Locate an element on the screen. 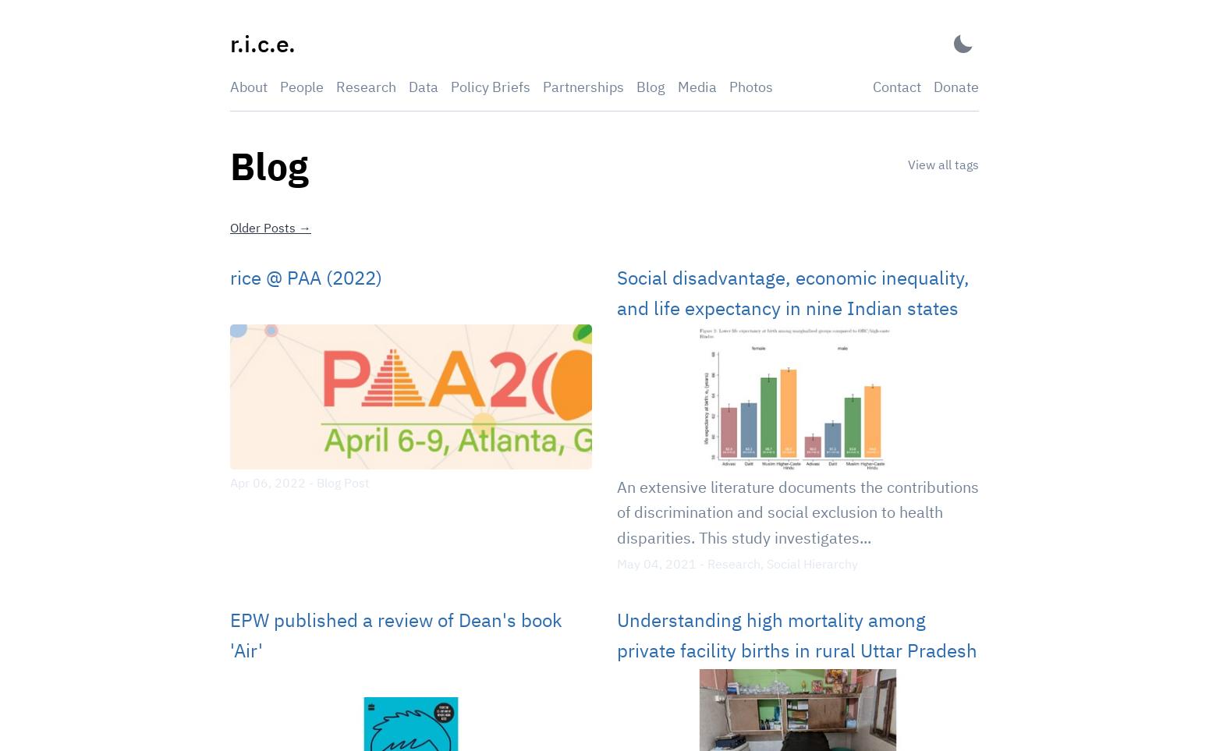 The height and width of the screenshot is (751, 1209). 'An extensive literature documents the contributions of discrimination and social exclusion to health disparities. This study investigates...' is located at coordinates (615, 510).